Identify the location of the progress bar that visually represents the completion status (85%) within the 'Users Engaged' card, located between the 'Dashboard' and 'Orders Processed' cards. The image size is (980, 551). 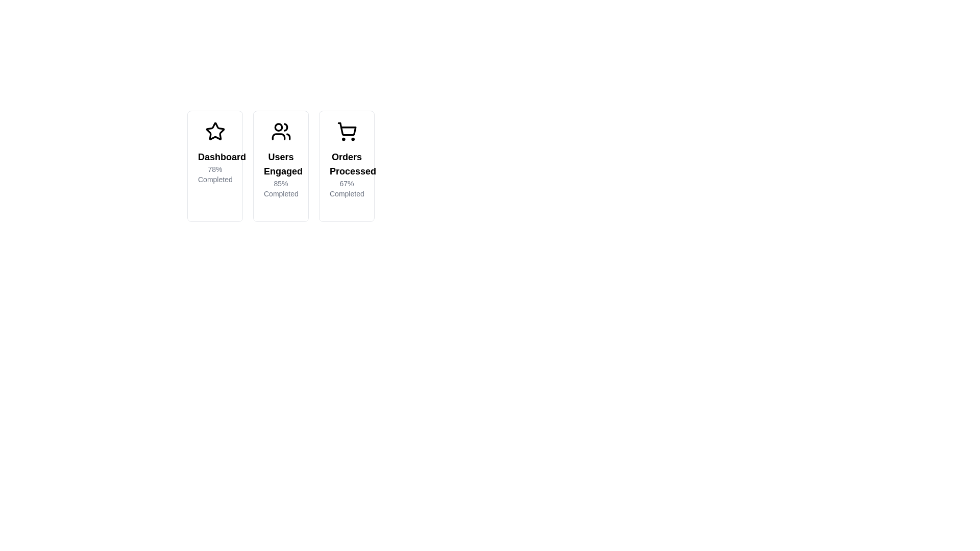
(278, 208).